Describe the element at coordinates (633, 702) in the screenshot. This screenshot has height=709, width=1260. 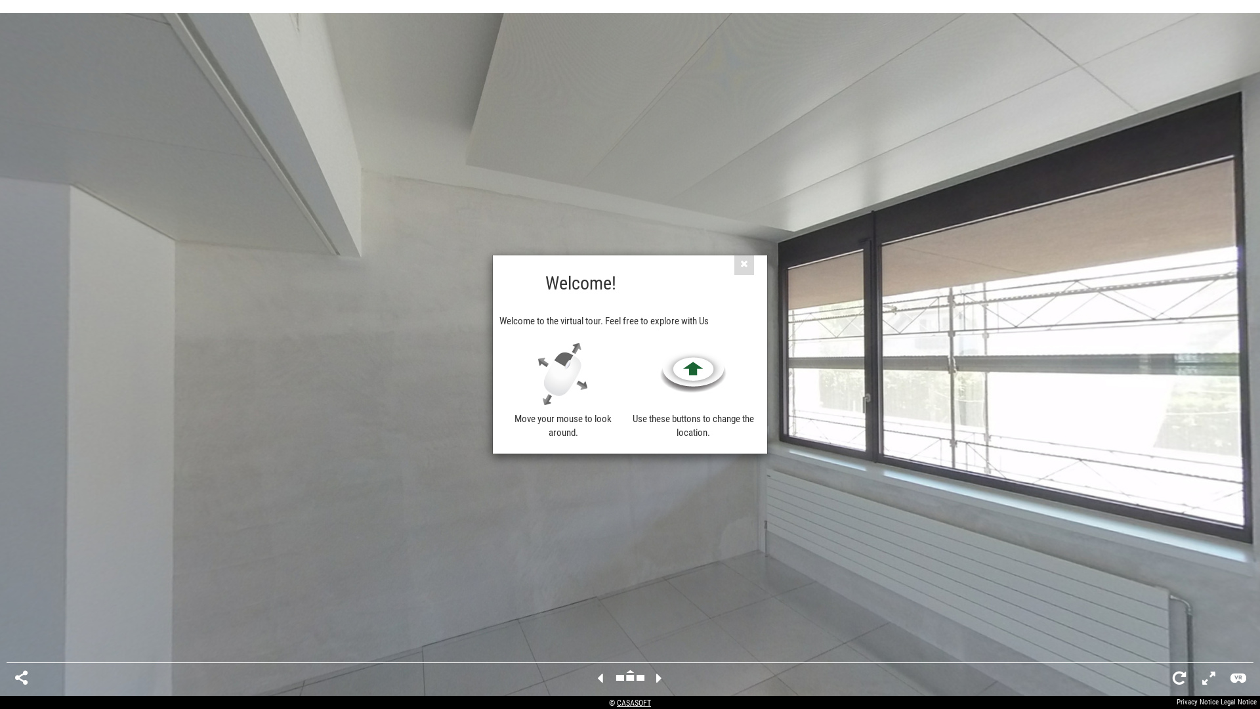
I see `'CASASOFT'` at that location.